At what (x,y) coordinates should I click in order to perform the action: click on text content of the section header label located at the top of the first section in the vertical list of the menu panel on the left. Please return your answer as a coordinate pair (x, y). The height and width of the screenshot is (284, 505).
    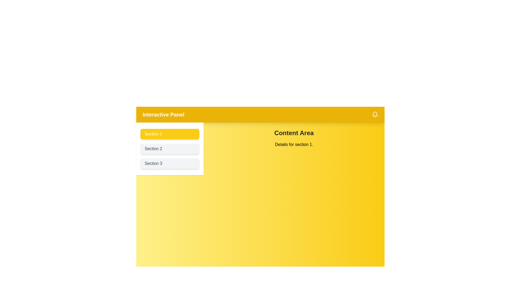
    Looking at the image, I should click on (153, 134).